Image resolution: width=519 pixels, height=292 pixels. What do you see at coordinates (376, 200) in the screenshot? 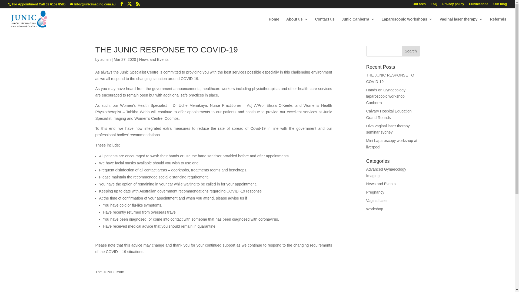
I see `'Vaginal laser'` at bounding box center [376, 200].